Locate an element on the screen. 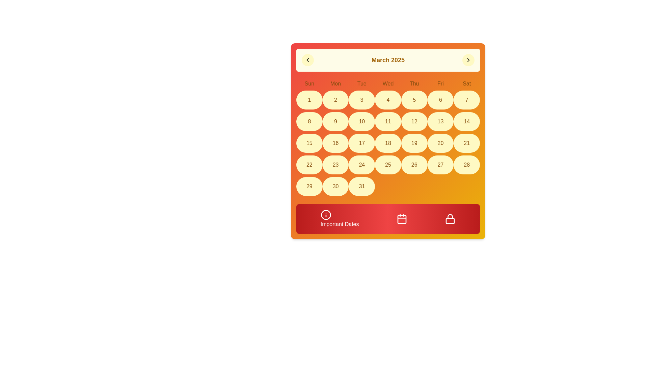 The width and height of the screenshot is (648, 365). the circular button labeled '25' located in the sixth row and fourth column of the calendar grid by moving the cursor to it is located at coordinates (388, 165).